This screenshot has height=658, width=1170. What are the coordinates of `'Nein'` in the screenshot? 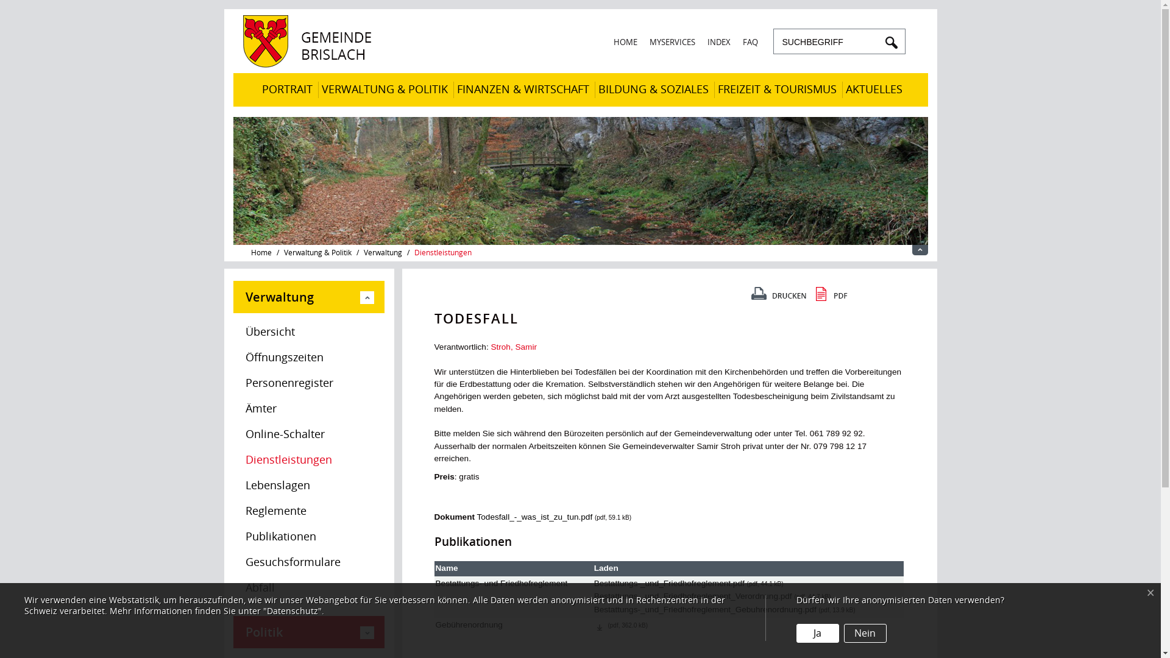 It's located at (843, 632).